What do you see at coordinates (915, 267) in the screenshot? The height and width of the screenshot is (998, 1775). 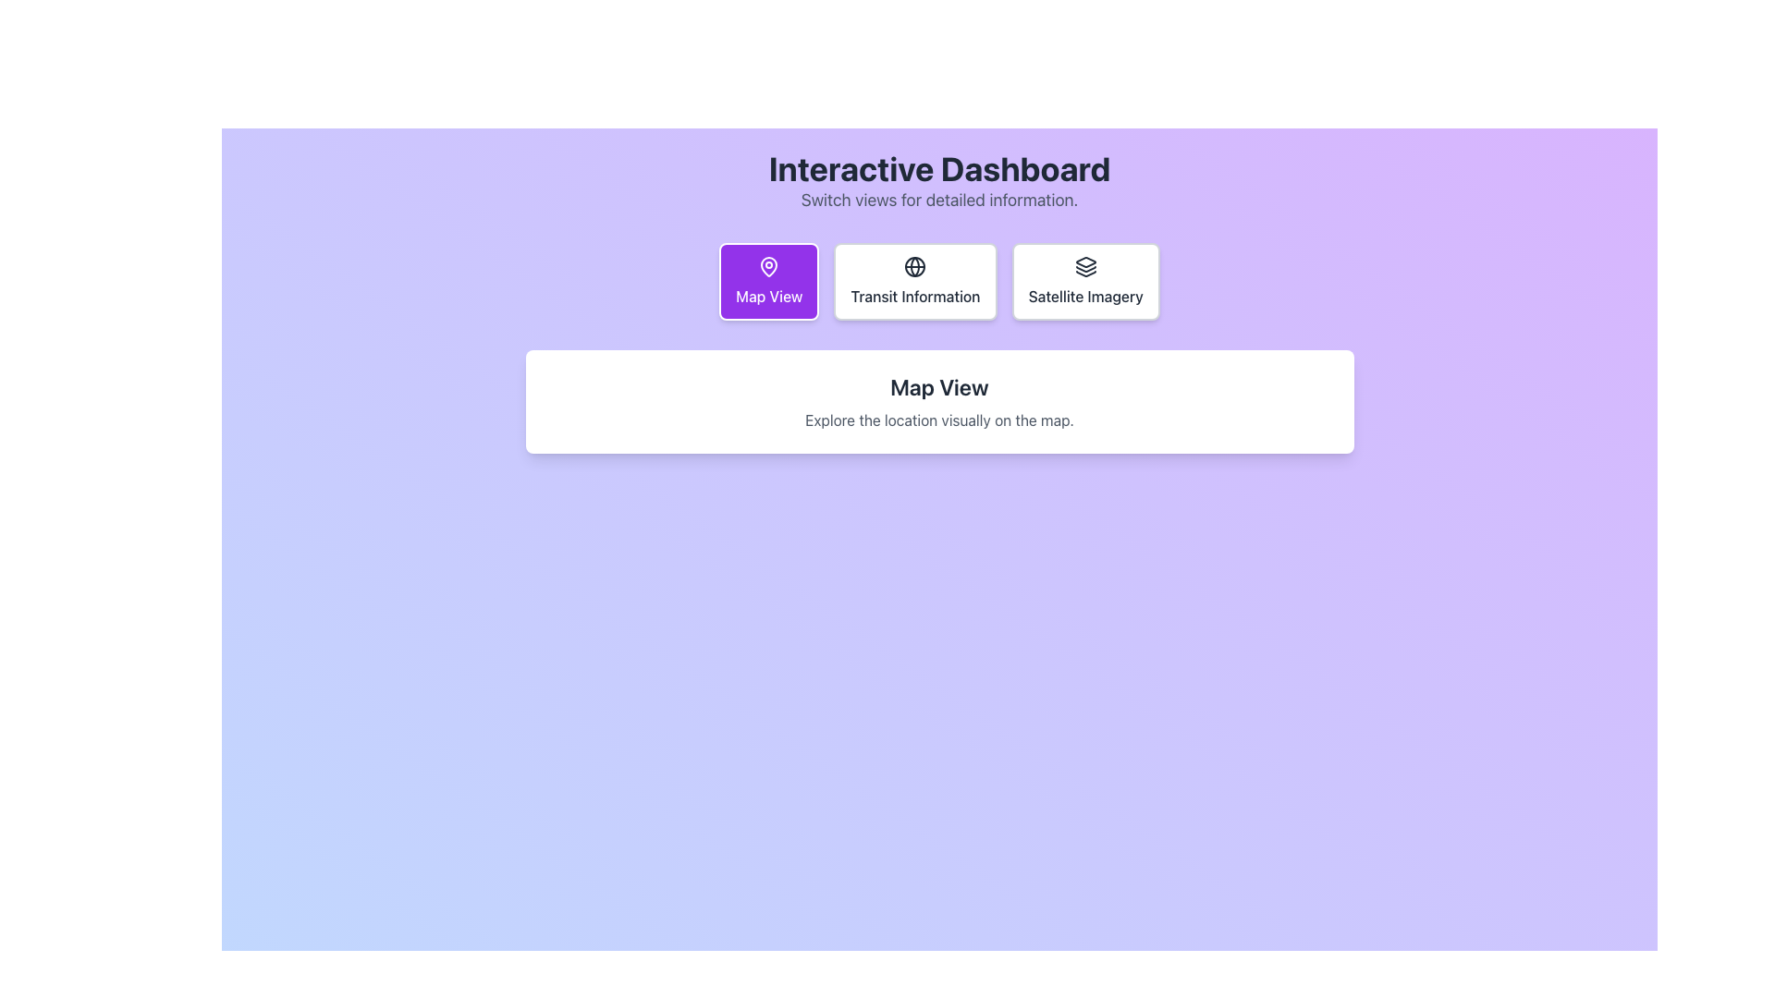 I see `the circular globe icon within the 'Transit Information' button, which is black in color and stylized to represent the Earth` at bounding box center [915, 267].